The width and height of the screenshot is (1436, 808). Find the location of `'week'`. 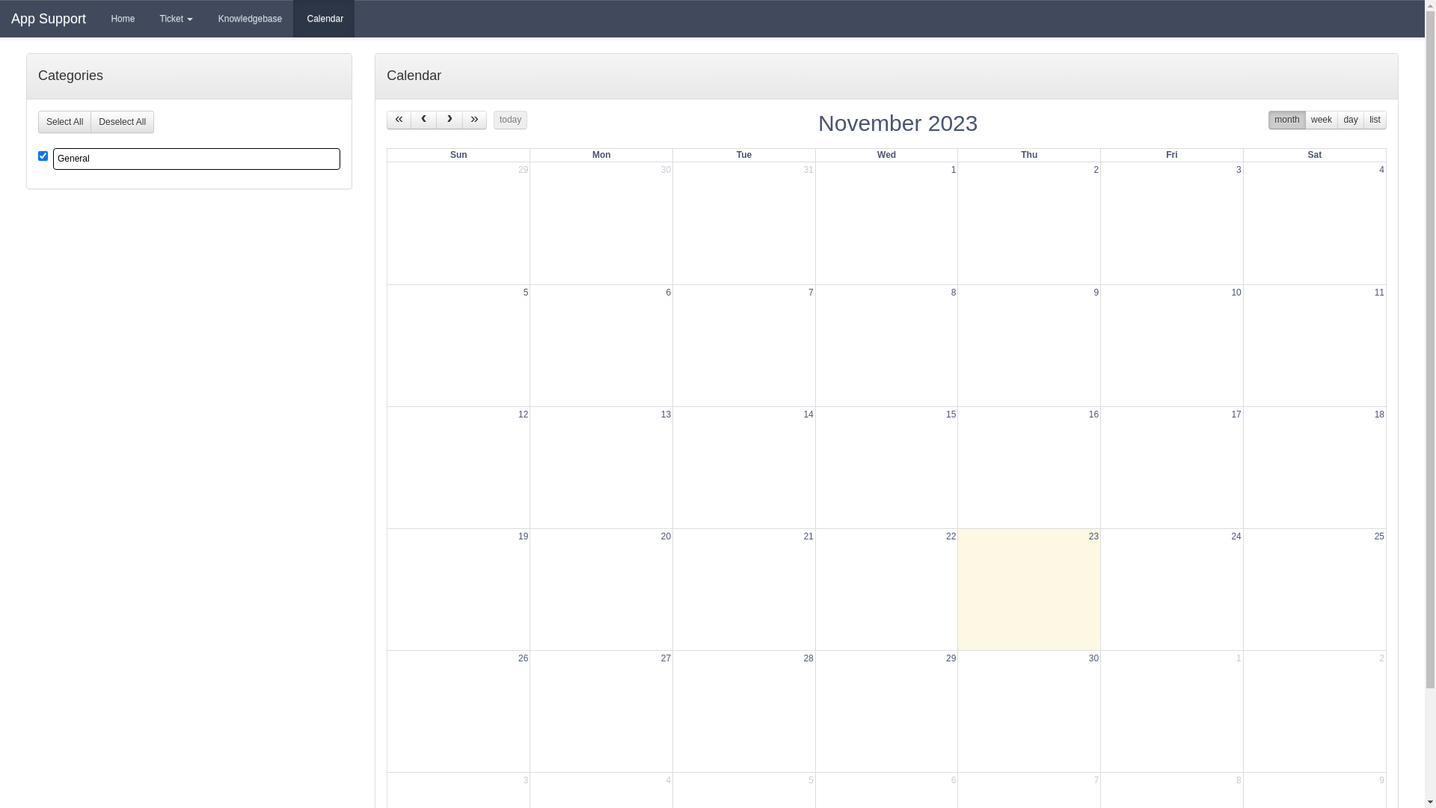

'week' is located at coordinates (1321, 119).